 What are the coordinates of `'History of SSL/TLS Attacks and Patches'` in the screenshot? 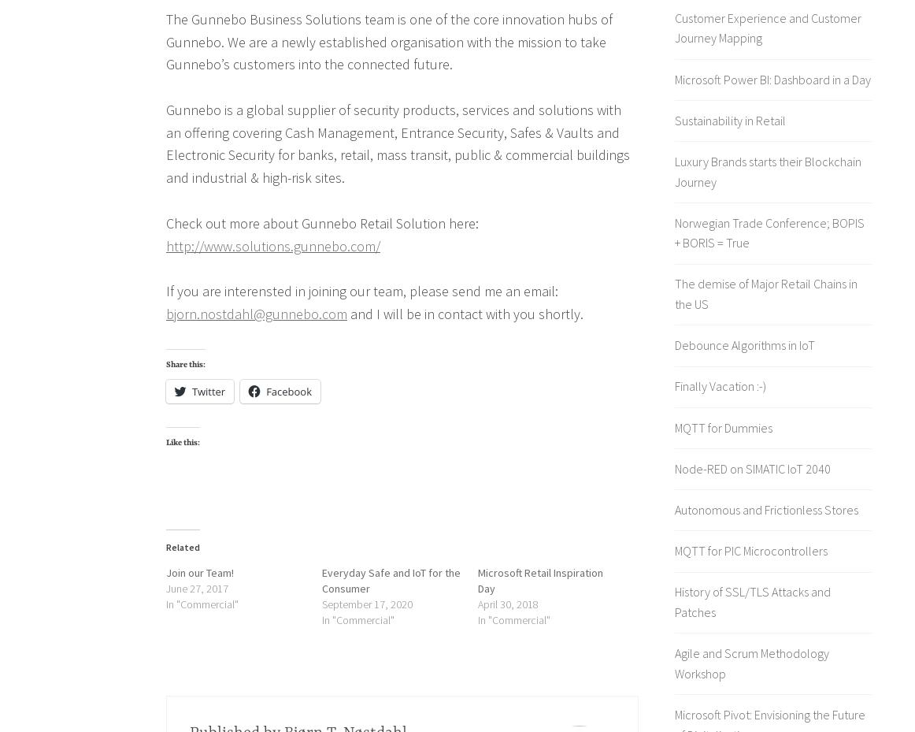 It's located at (674, 600).